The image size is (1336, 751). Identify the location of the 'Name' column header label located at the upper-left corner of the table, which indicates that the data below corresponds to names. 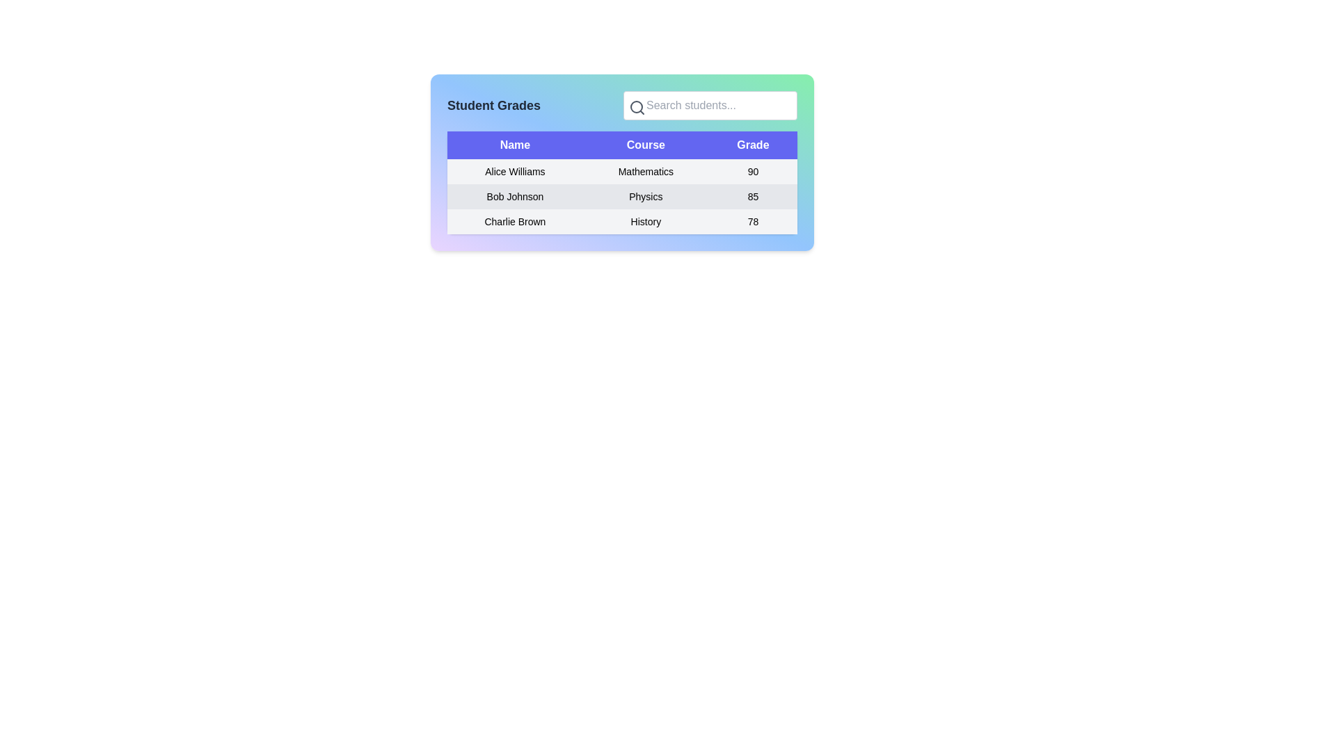
(514, 145).